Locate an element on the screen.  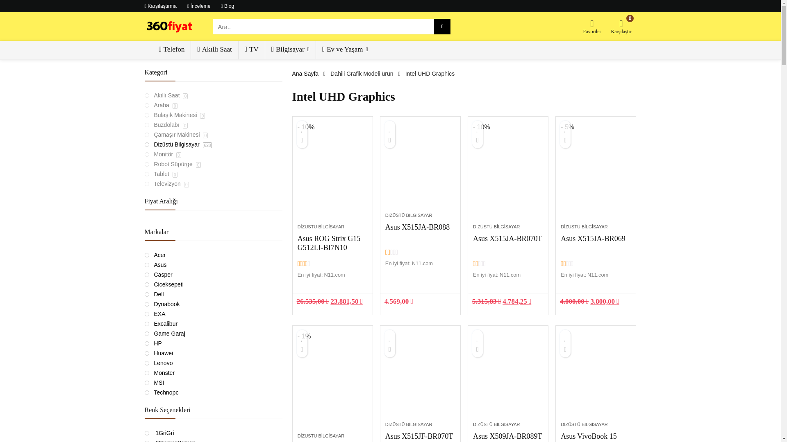
'Blog' is located at coordinates (227, 6).